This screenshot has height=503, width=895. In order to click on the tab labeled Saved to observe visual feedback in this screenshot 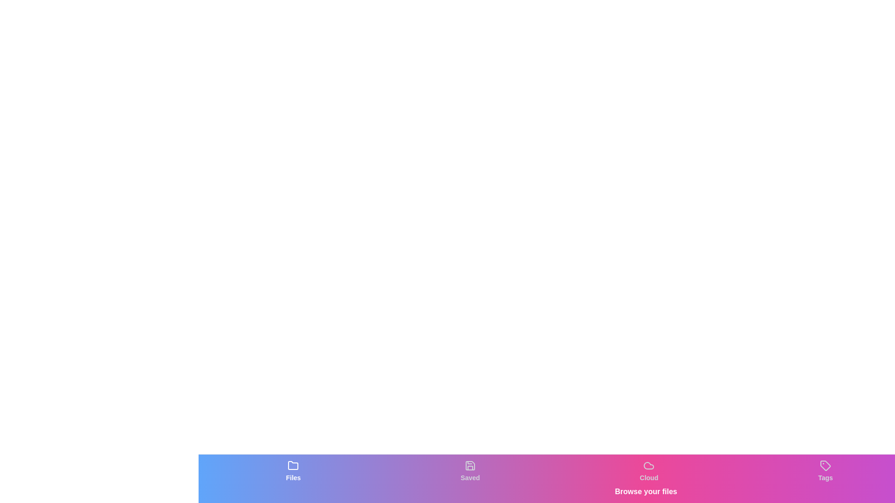, I will do `click(470, 471)`.